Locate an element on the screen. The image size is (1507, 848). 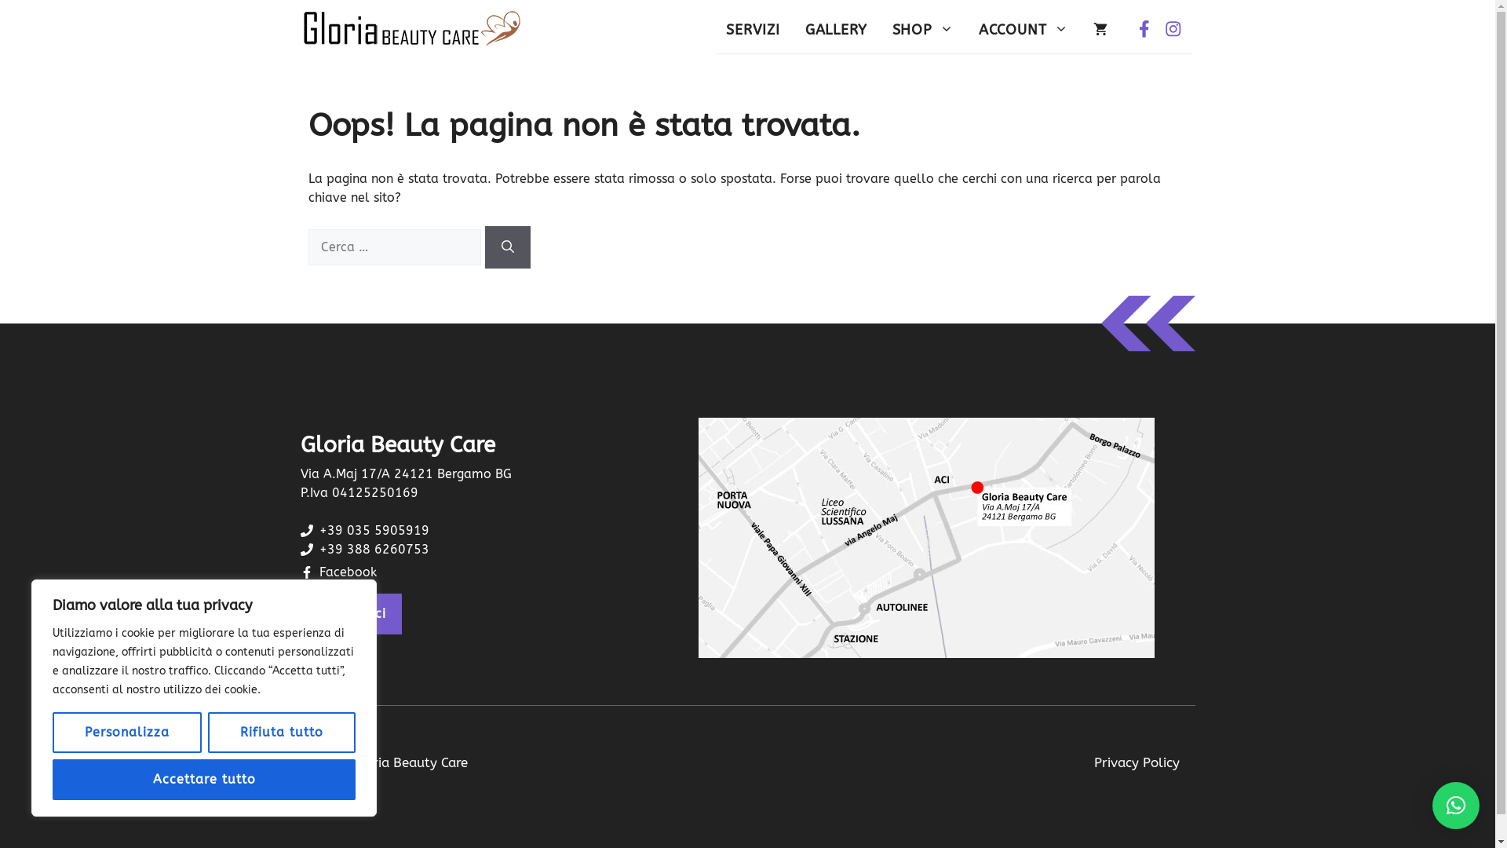
'View your shopping cart' is located at coordinates (1099, 30).